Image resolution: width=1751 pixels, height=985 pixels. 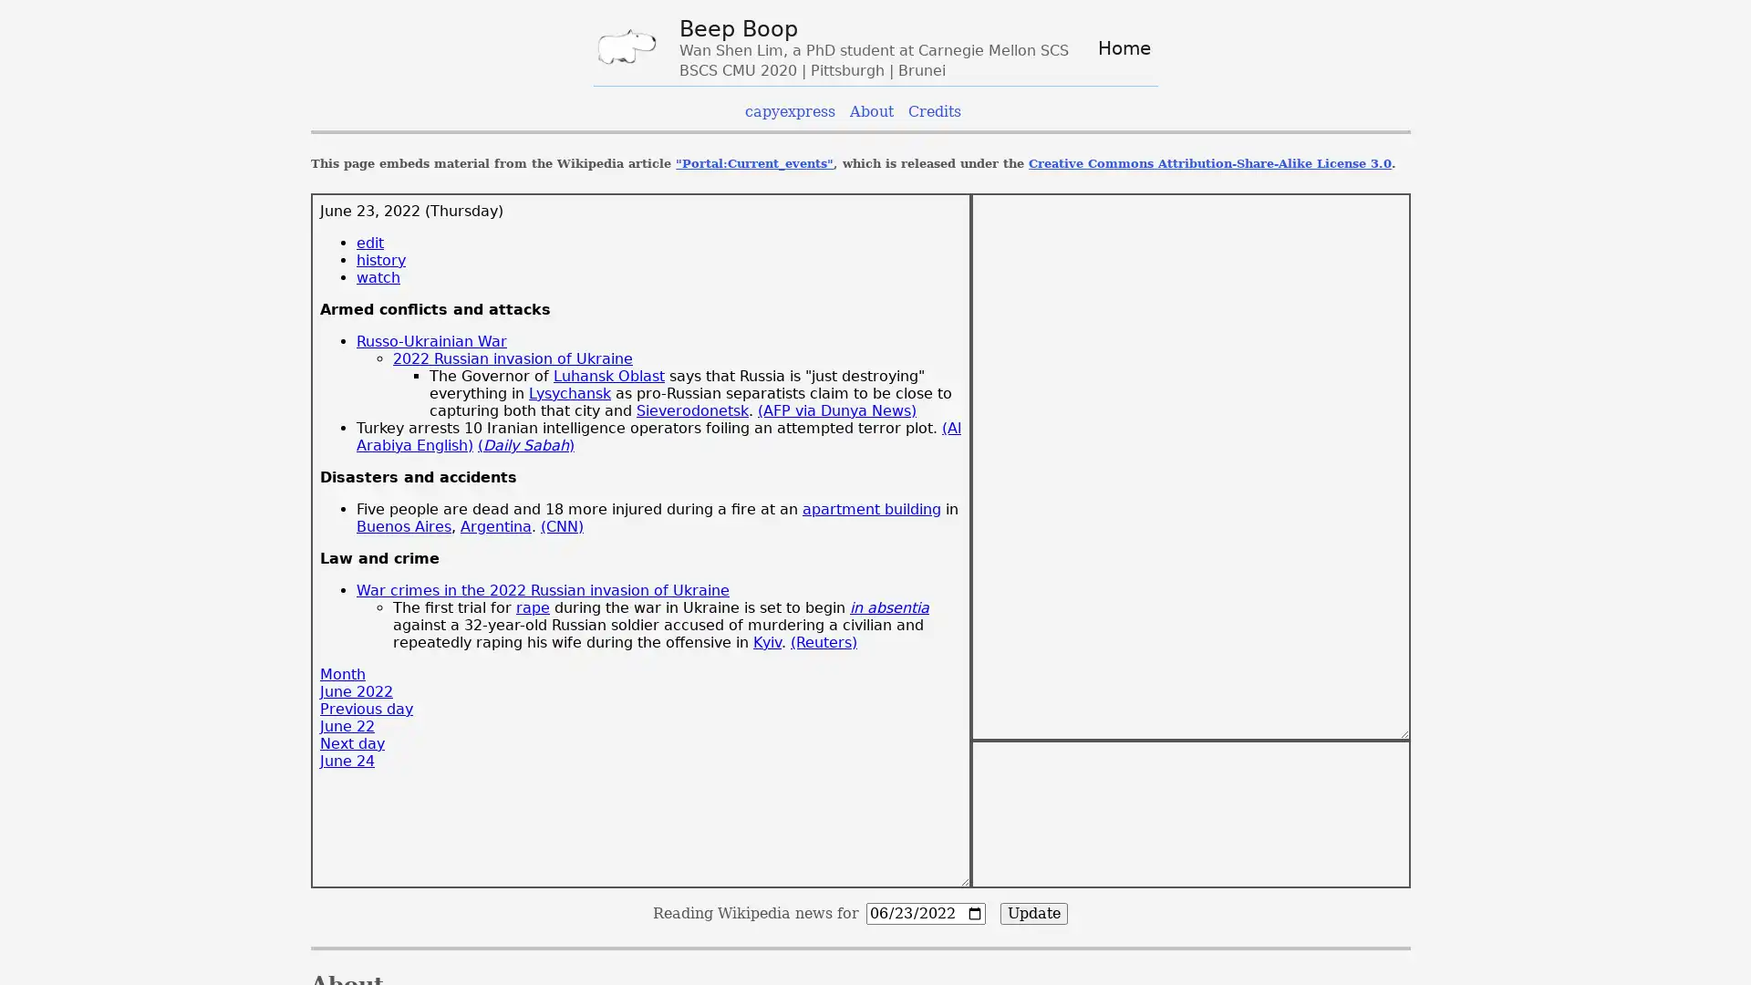 What do you see at coordinates (1033, 913) in the screenshot?
I see `Update` at bounding box center [1033, 913].